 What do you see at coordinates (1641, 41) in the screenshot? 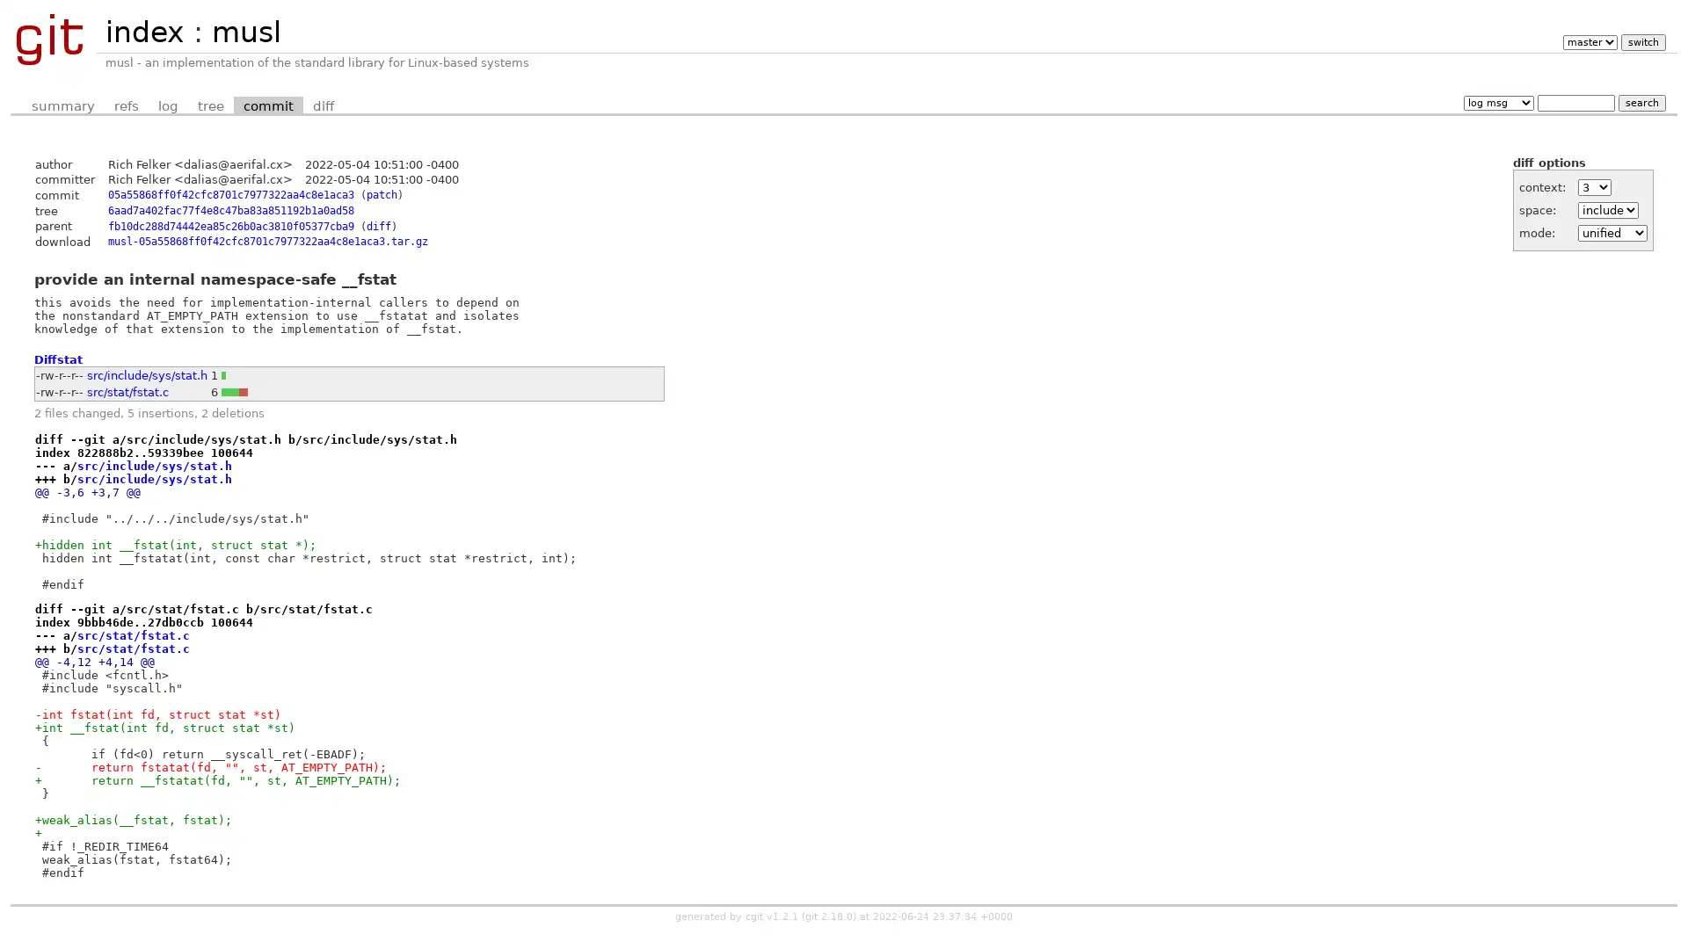
I see `switch` at bounding box center [1641, 41].